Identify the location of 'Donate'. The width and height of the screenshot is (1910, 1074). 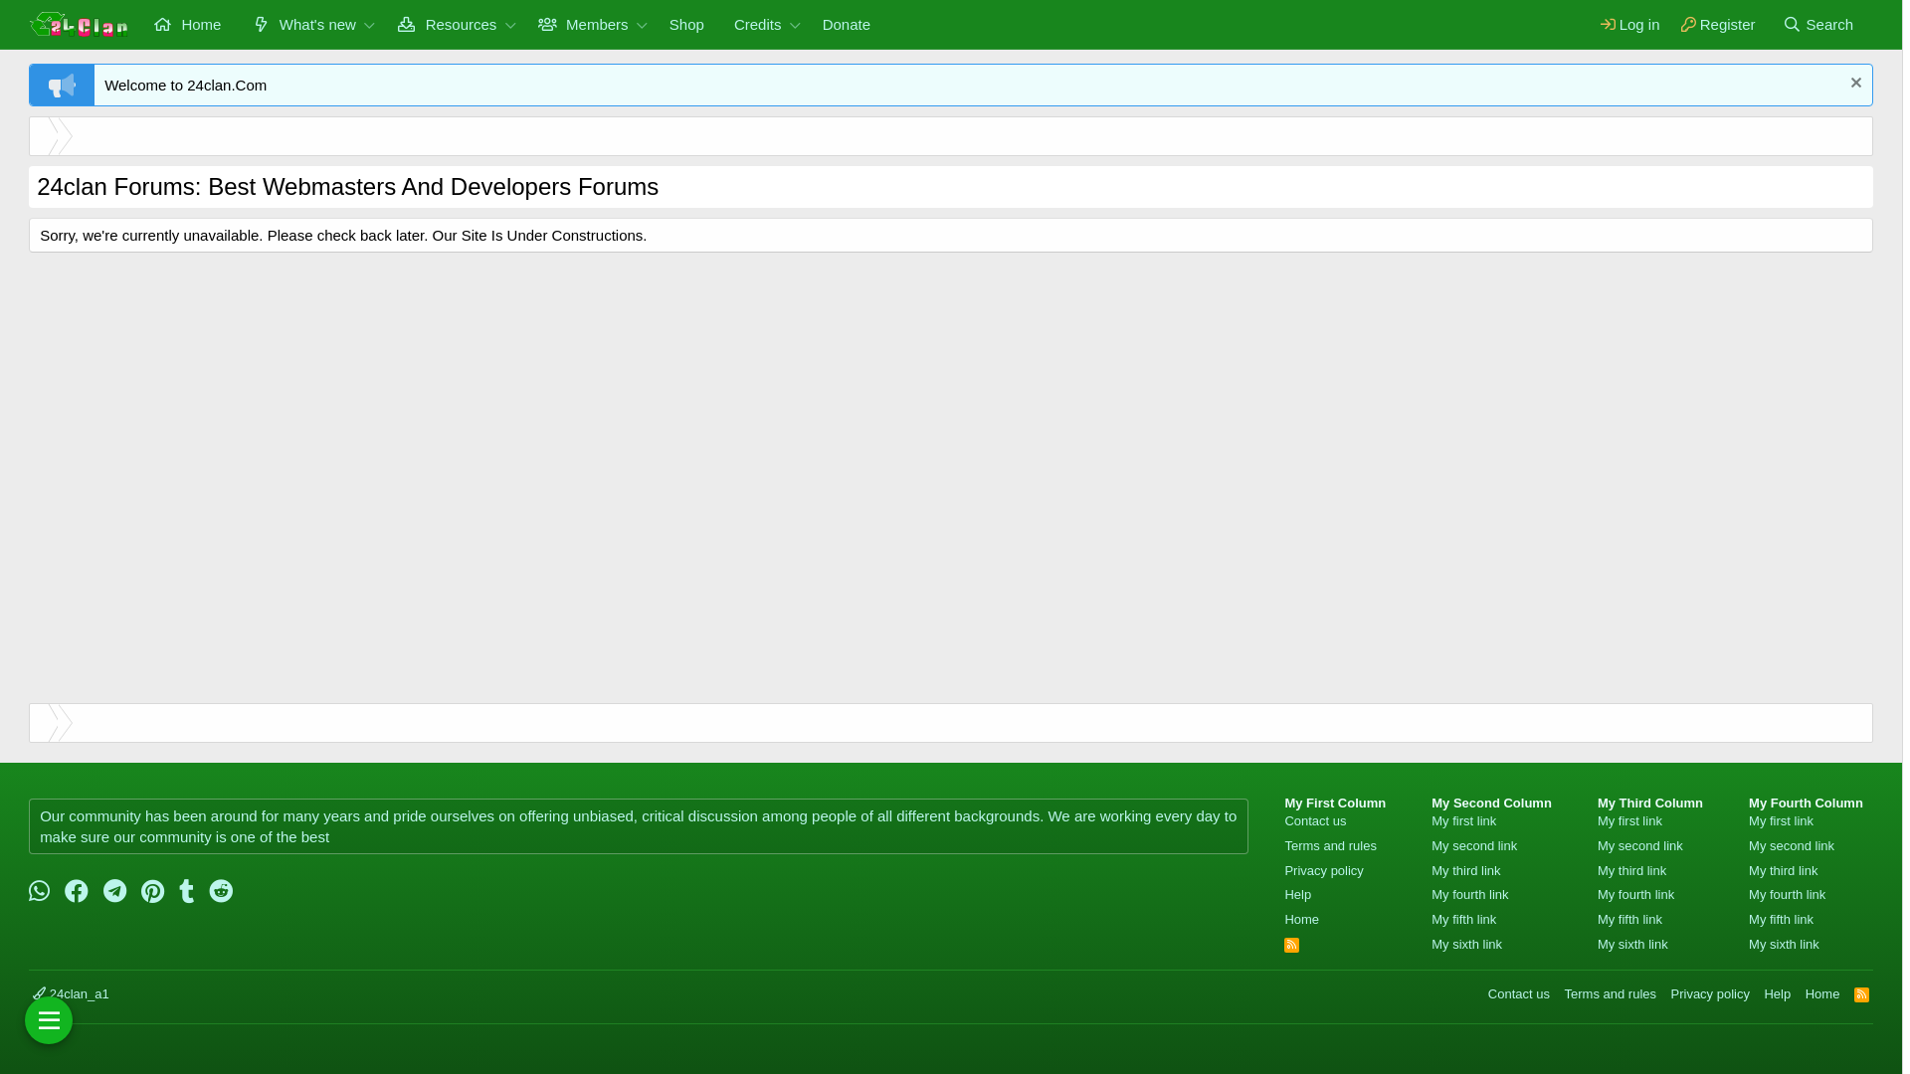
(846, 24).